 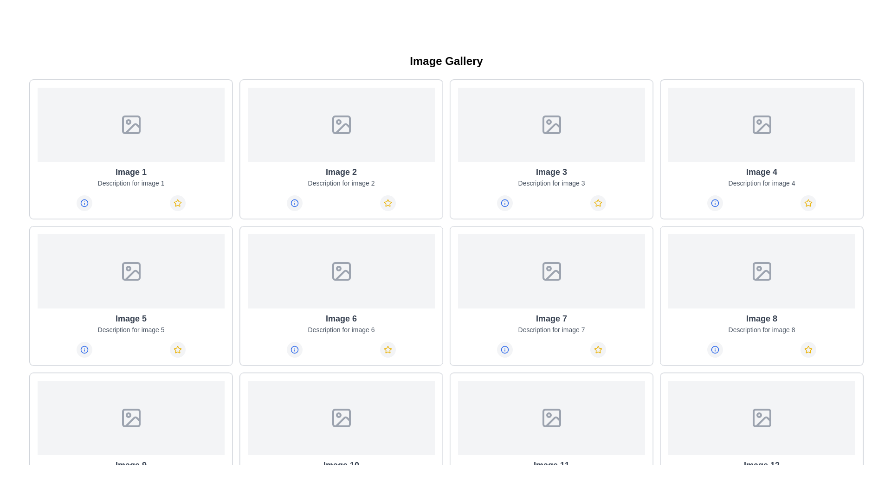 I want to click on the 'Image 5' text label, which is styled with a bold font and grayish color, located in the second column, second row of the grid layout, positioned below the image placeholder, so click(x=130, y=318).